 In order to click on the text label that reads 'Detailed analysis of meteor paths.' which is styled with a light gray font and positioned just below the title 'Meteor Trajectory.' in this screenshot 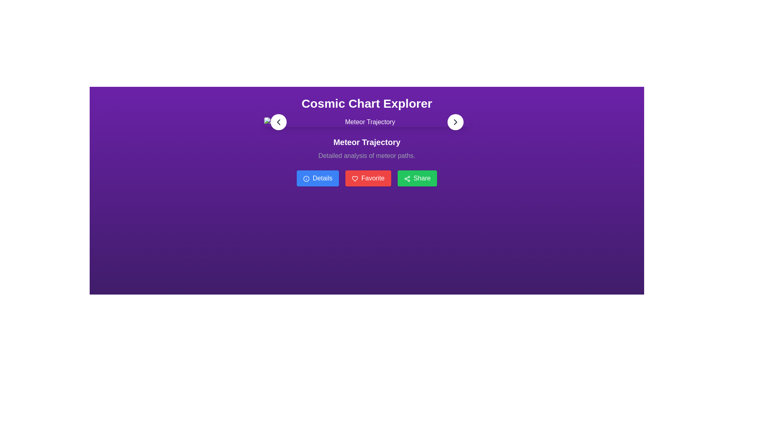, I will do `click(366, 156)`.